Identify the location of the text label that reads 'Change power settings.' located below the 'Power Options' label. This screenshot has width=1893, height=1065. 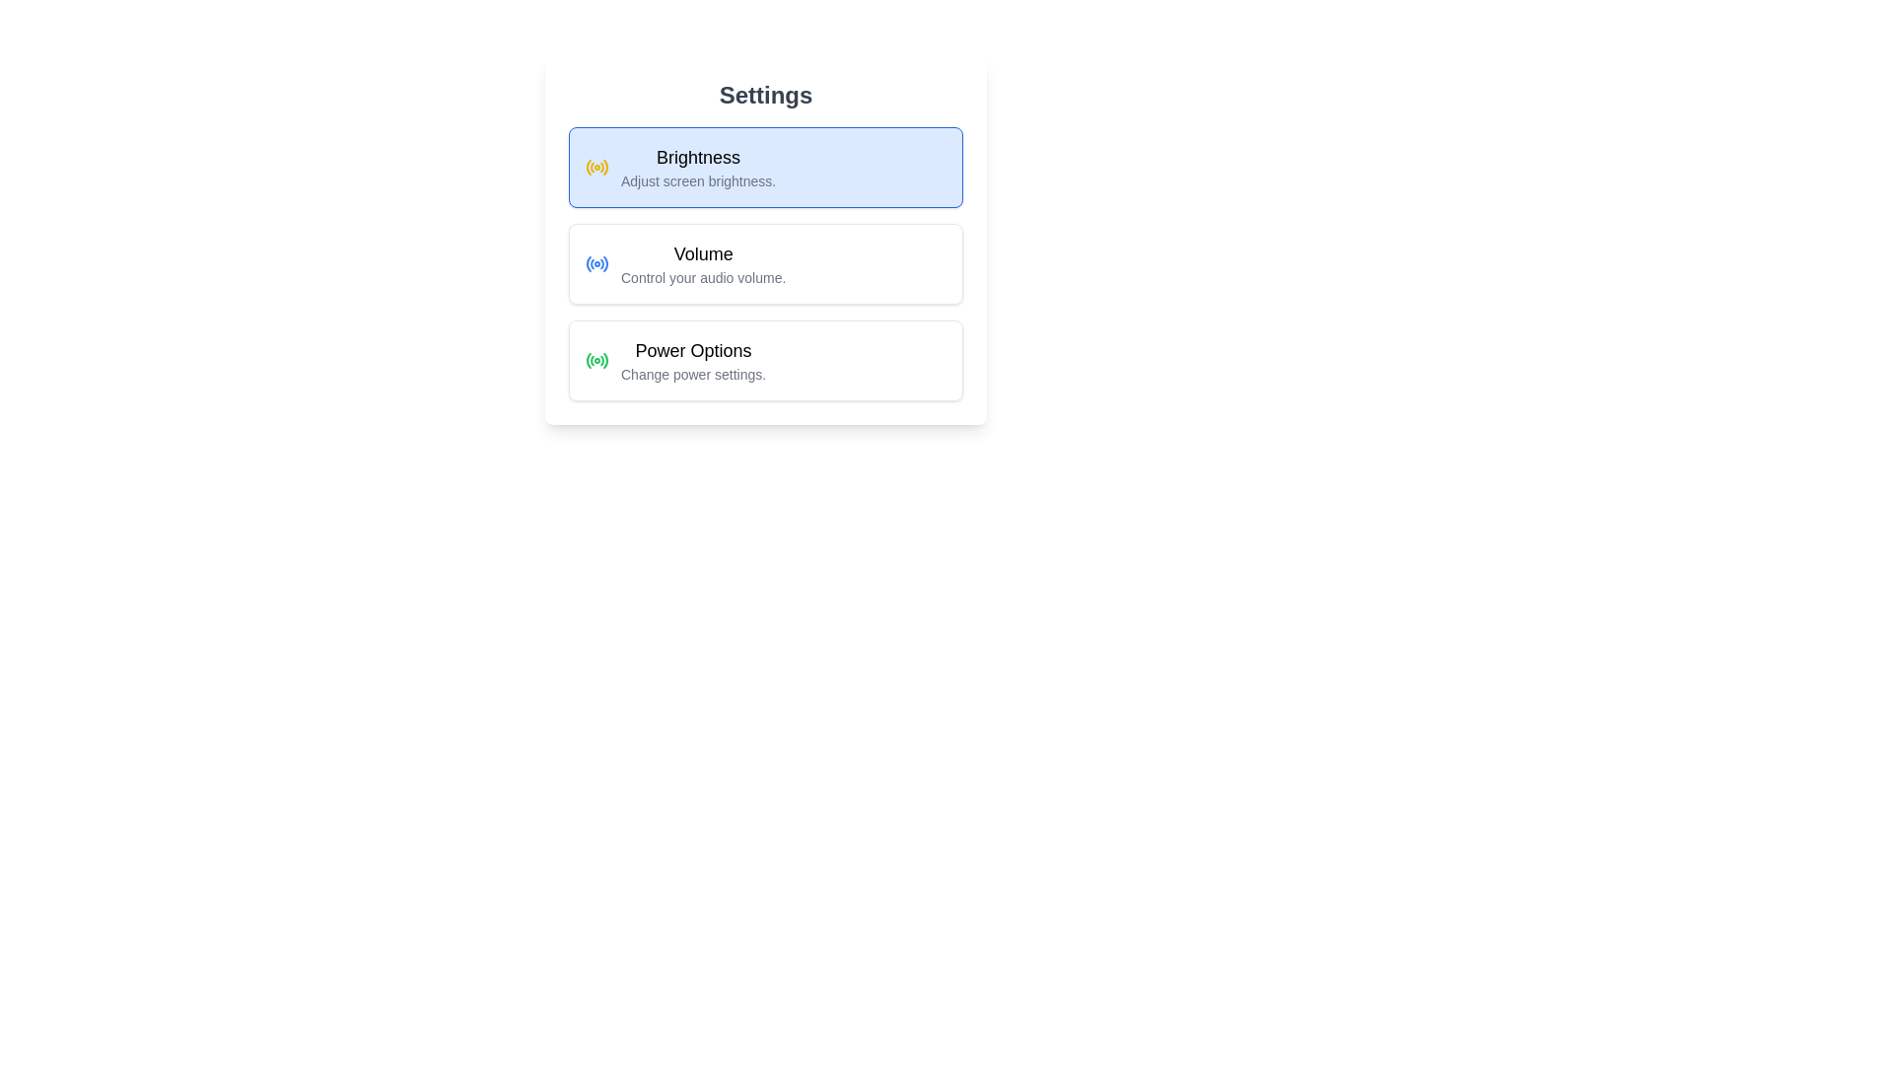
(693, 375).